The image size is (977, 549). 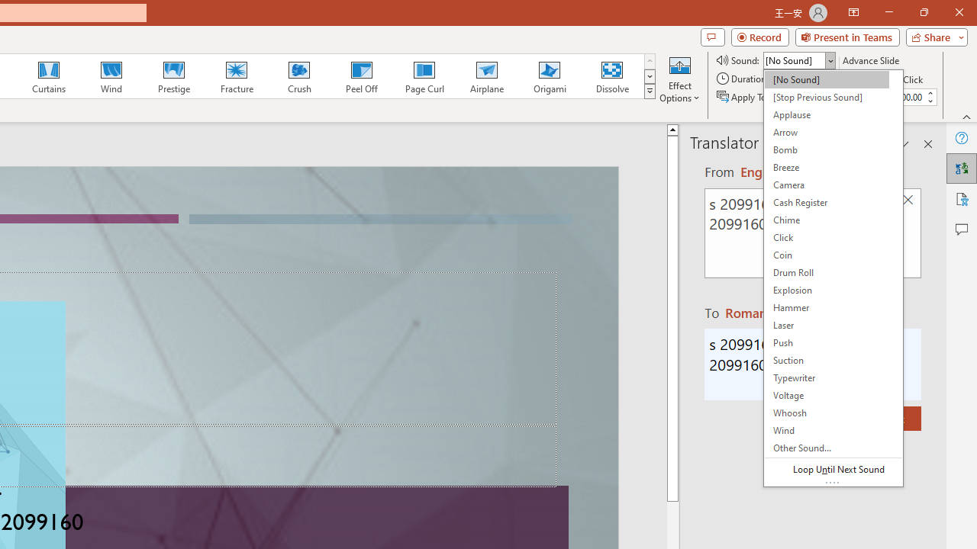 I want to click on 'Dissolve', so click(x=612, y=76).